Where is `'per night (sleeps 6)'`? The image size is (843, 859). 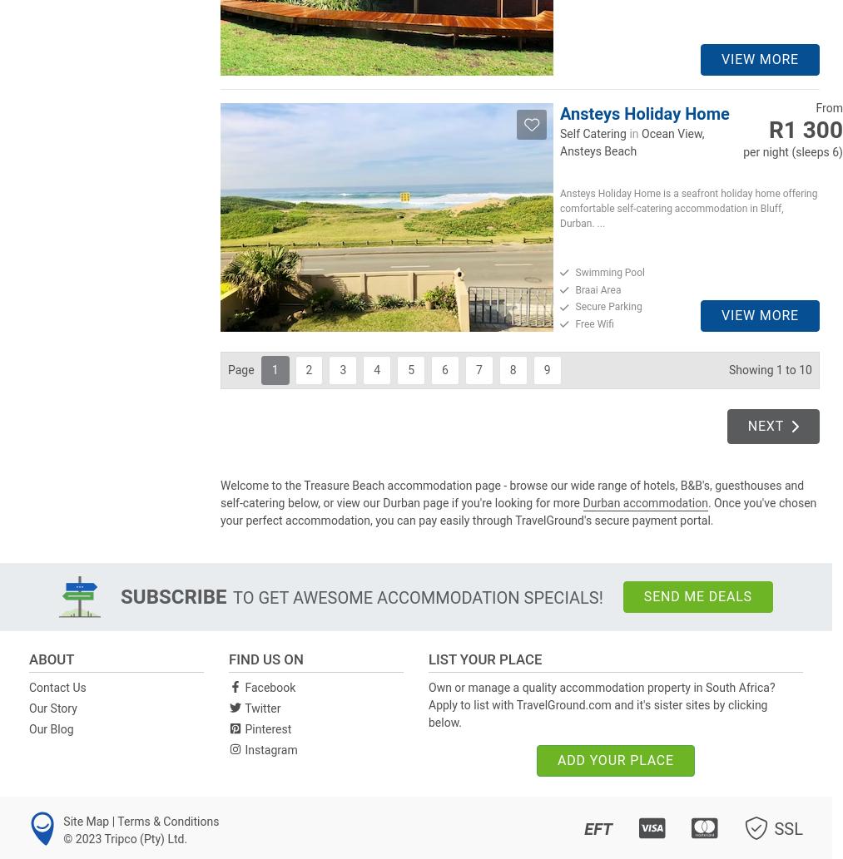 'per night (sleeps 6)' is located at coordinates (793, 151).